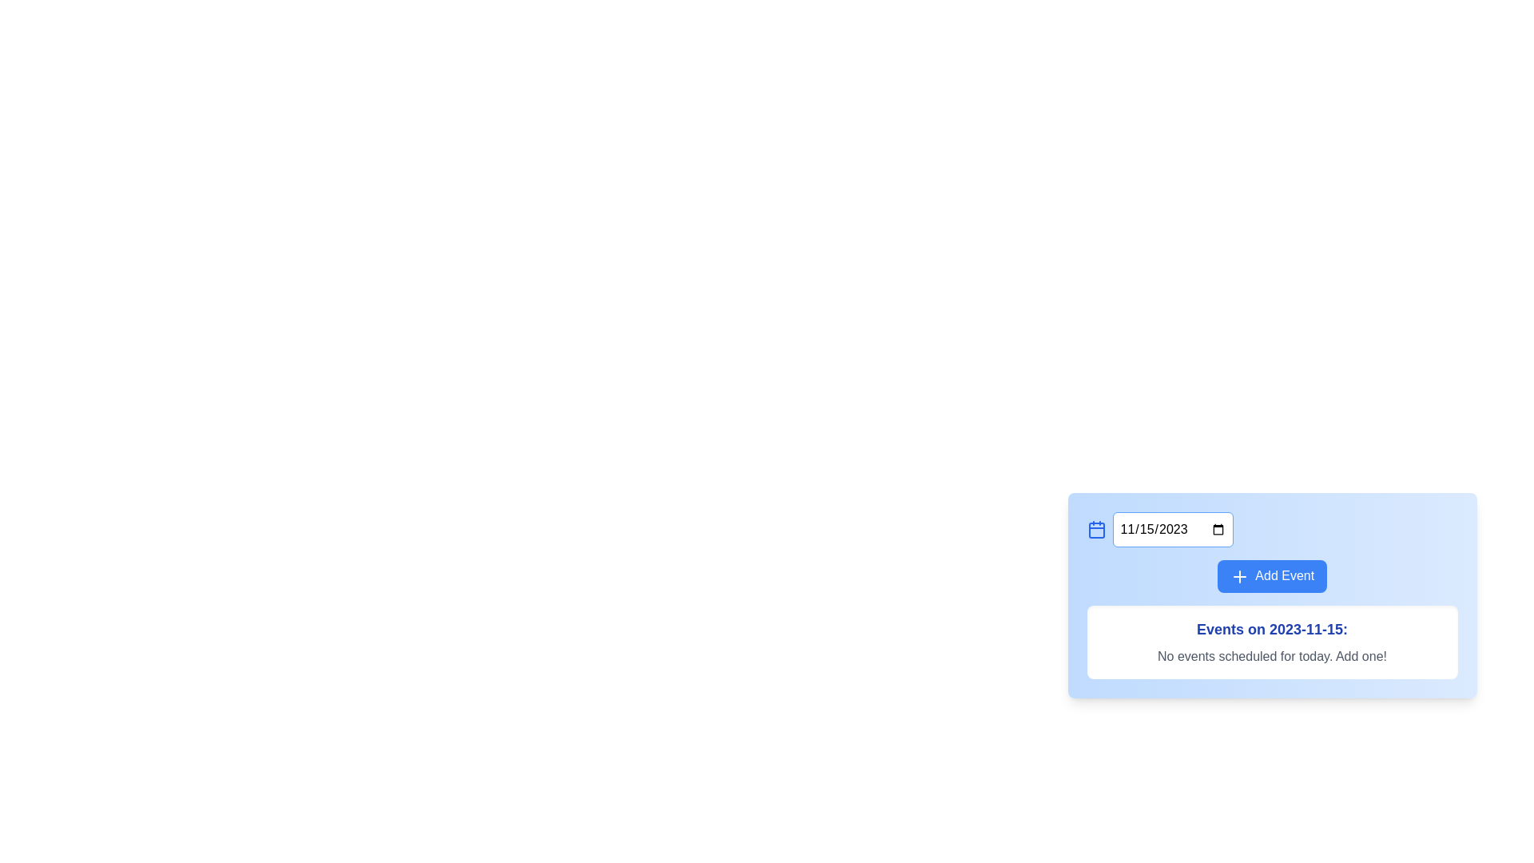  I want to click on the Text Label that displays 'No events scheduled for today. Add one!' located beneath the heading 'Events on 2023-11-15:' in a white rectangular section, so click(1271, 656).